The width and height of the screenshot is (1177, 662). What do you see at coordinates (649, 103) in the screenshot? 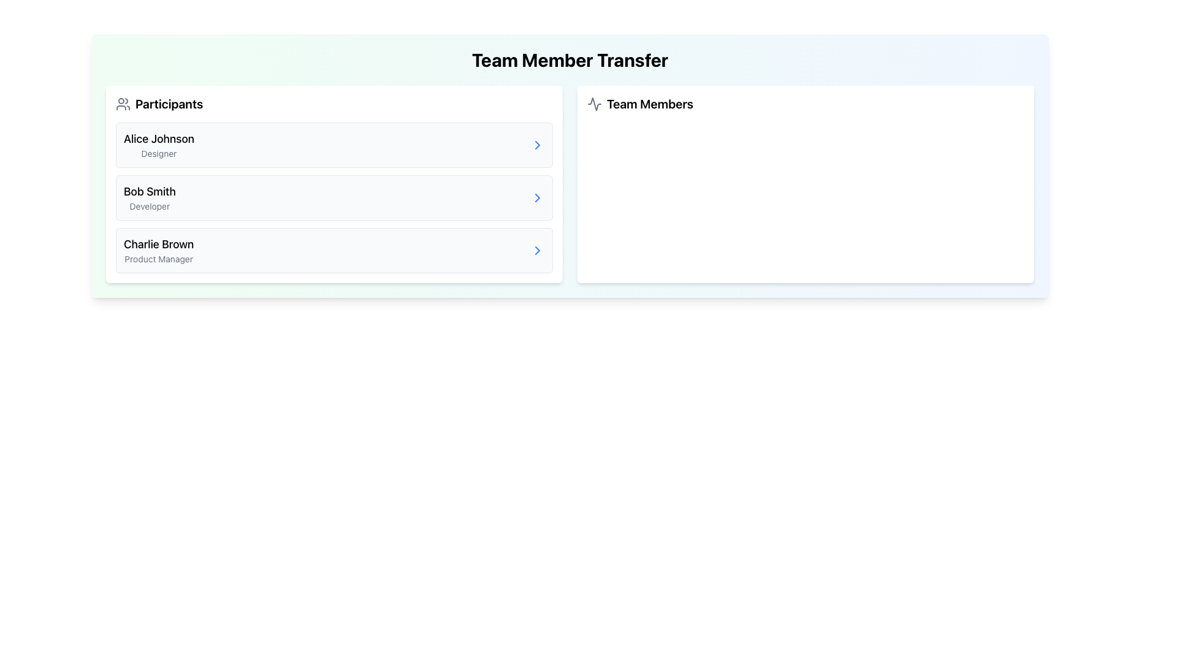
I see `the static text label that specifies the section in the top-right of the right panel header, which is purely informational and non-interactive` at bounding box center [649, 103].